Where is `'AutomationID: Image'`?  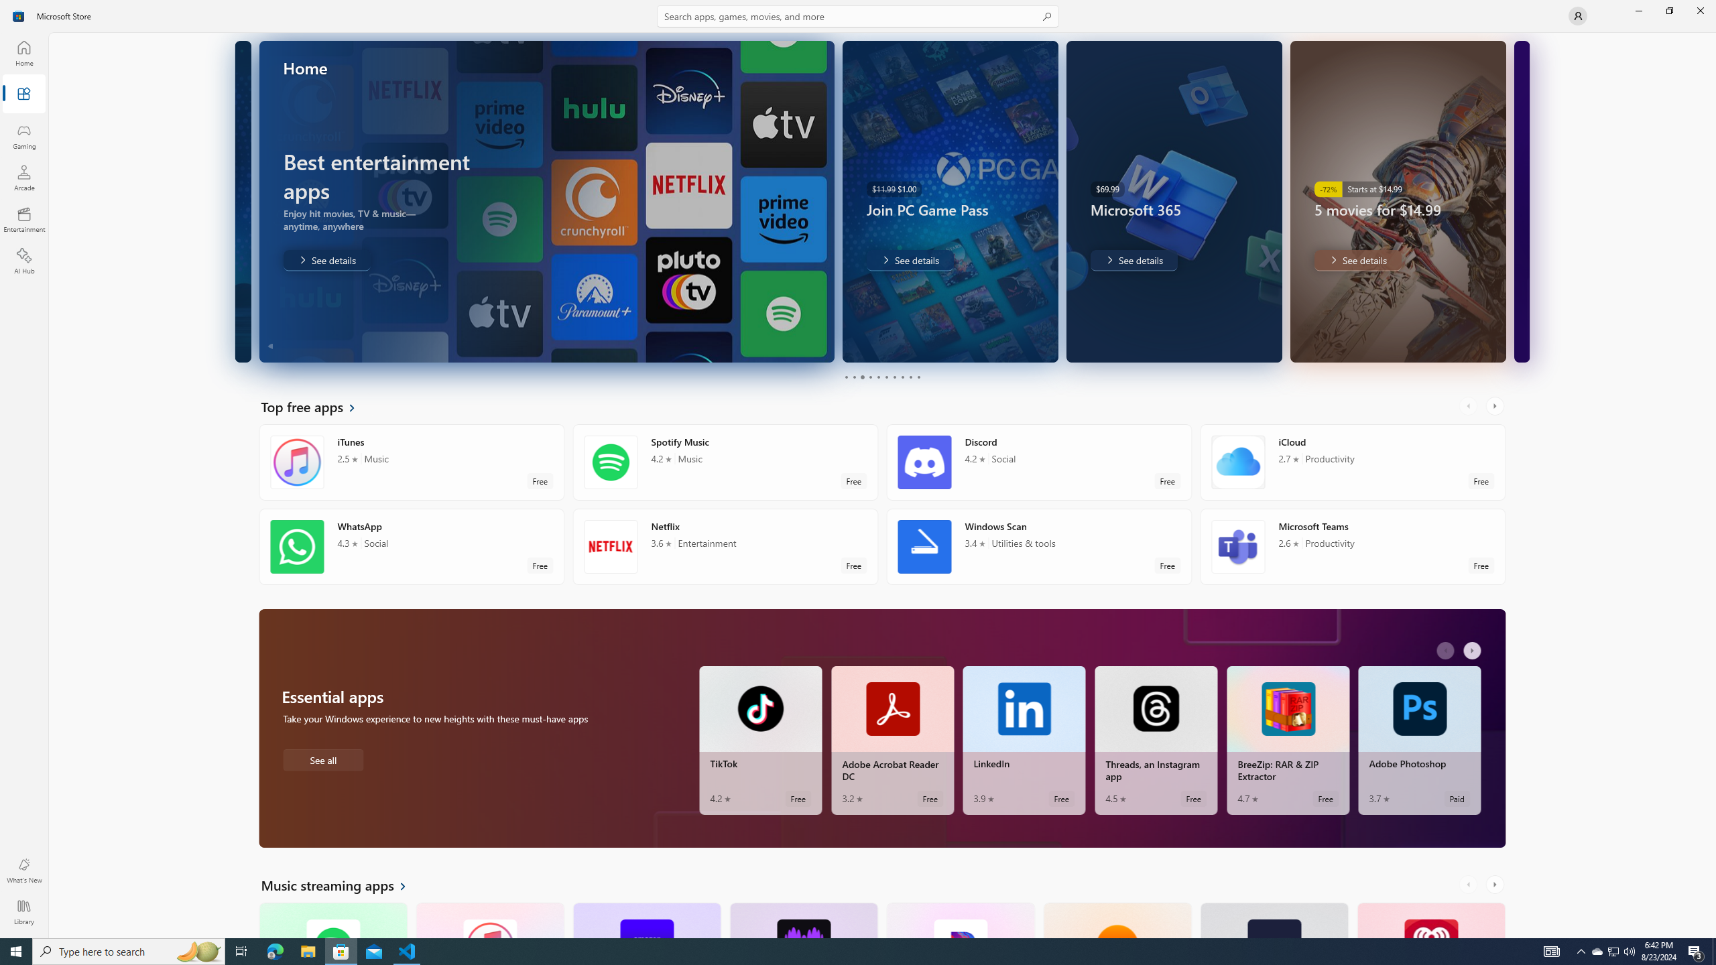 'AutomationID: Image' is located at coordinates (1520, 200).